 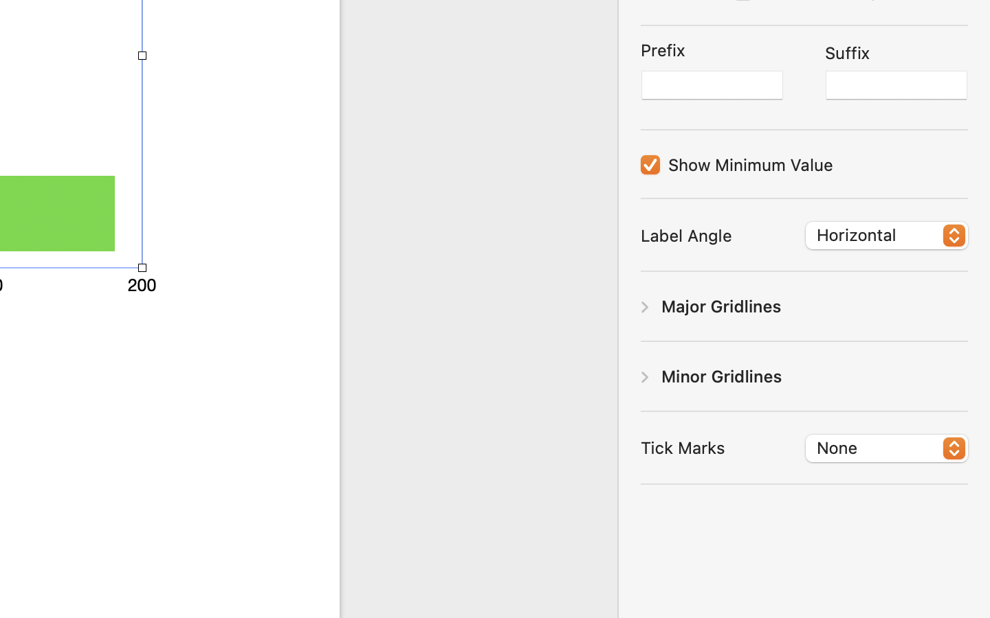 I want to click on 'Label Angle', so click(x=685, y=235).